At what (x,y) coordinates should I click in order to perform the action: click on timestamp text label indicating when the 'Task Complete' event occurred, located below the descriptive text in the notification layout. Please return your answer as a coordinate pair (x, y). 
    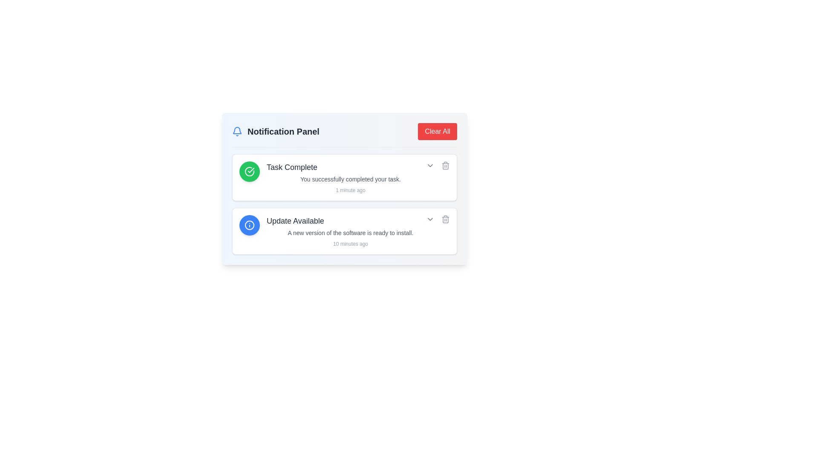
    Looking at the image, I should click on (350, 190).